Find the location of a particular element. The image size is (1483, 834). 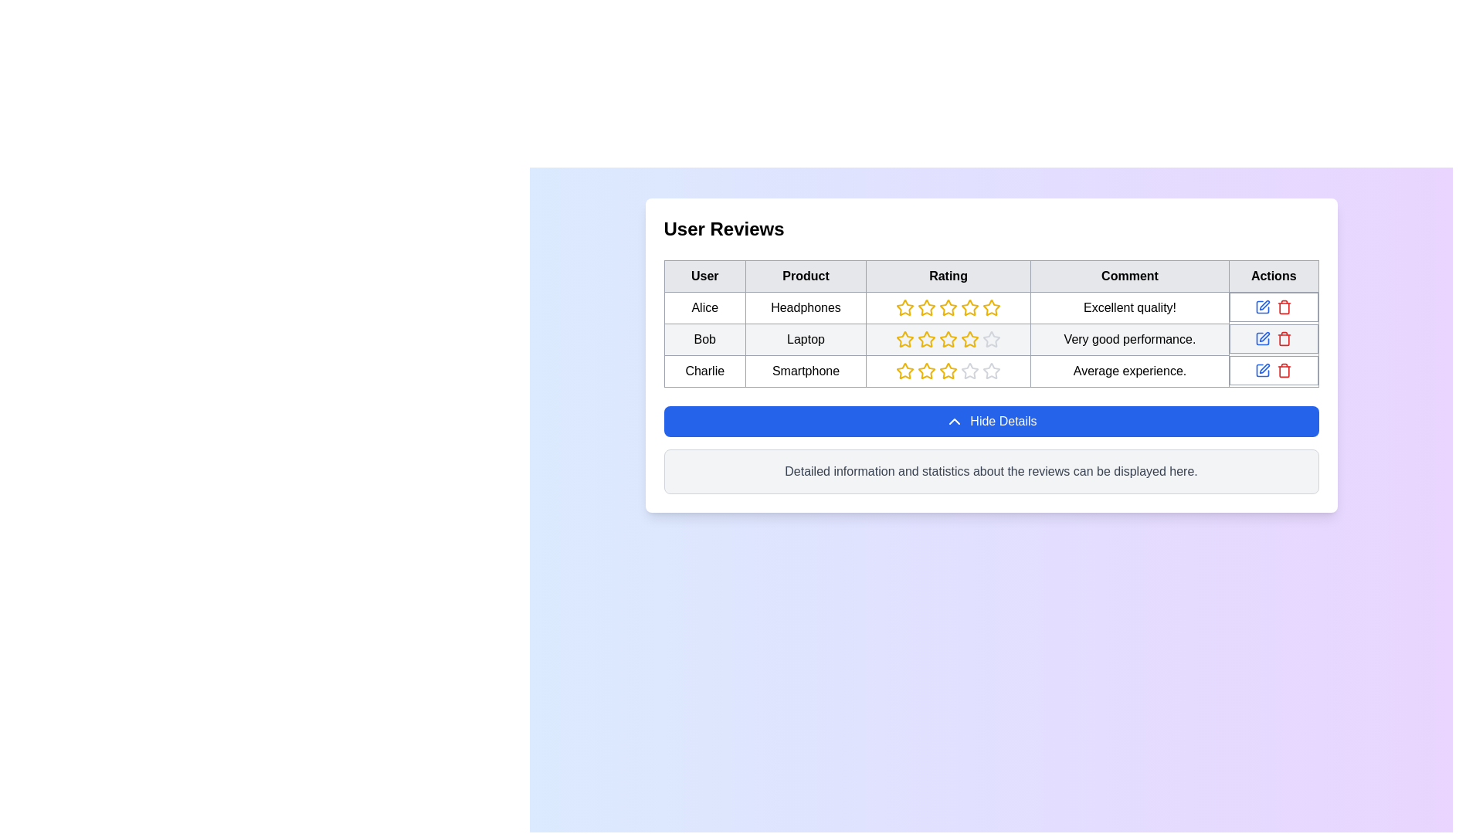

the text label that serves as the title for the user reviews section, located at the top-left corner of the reviews module is located at coordinates (723, 229).